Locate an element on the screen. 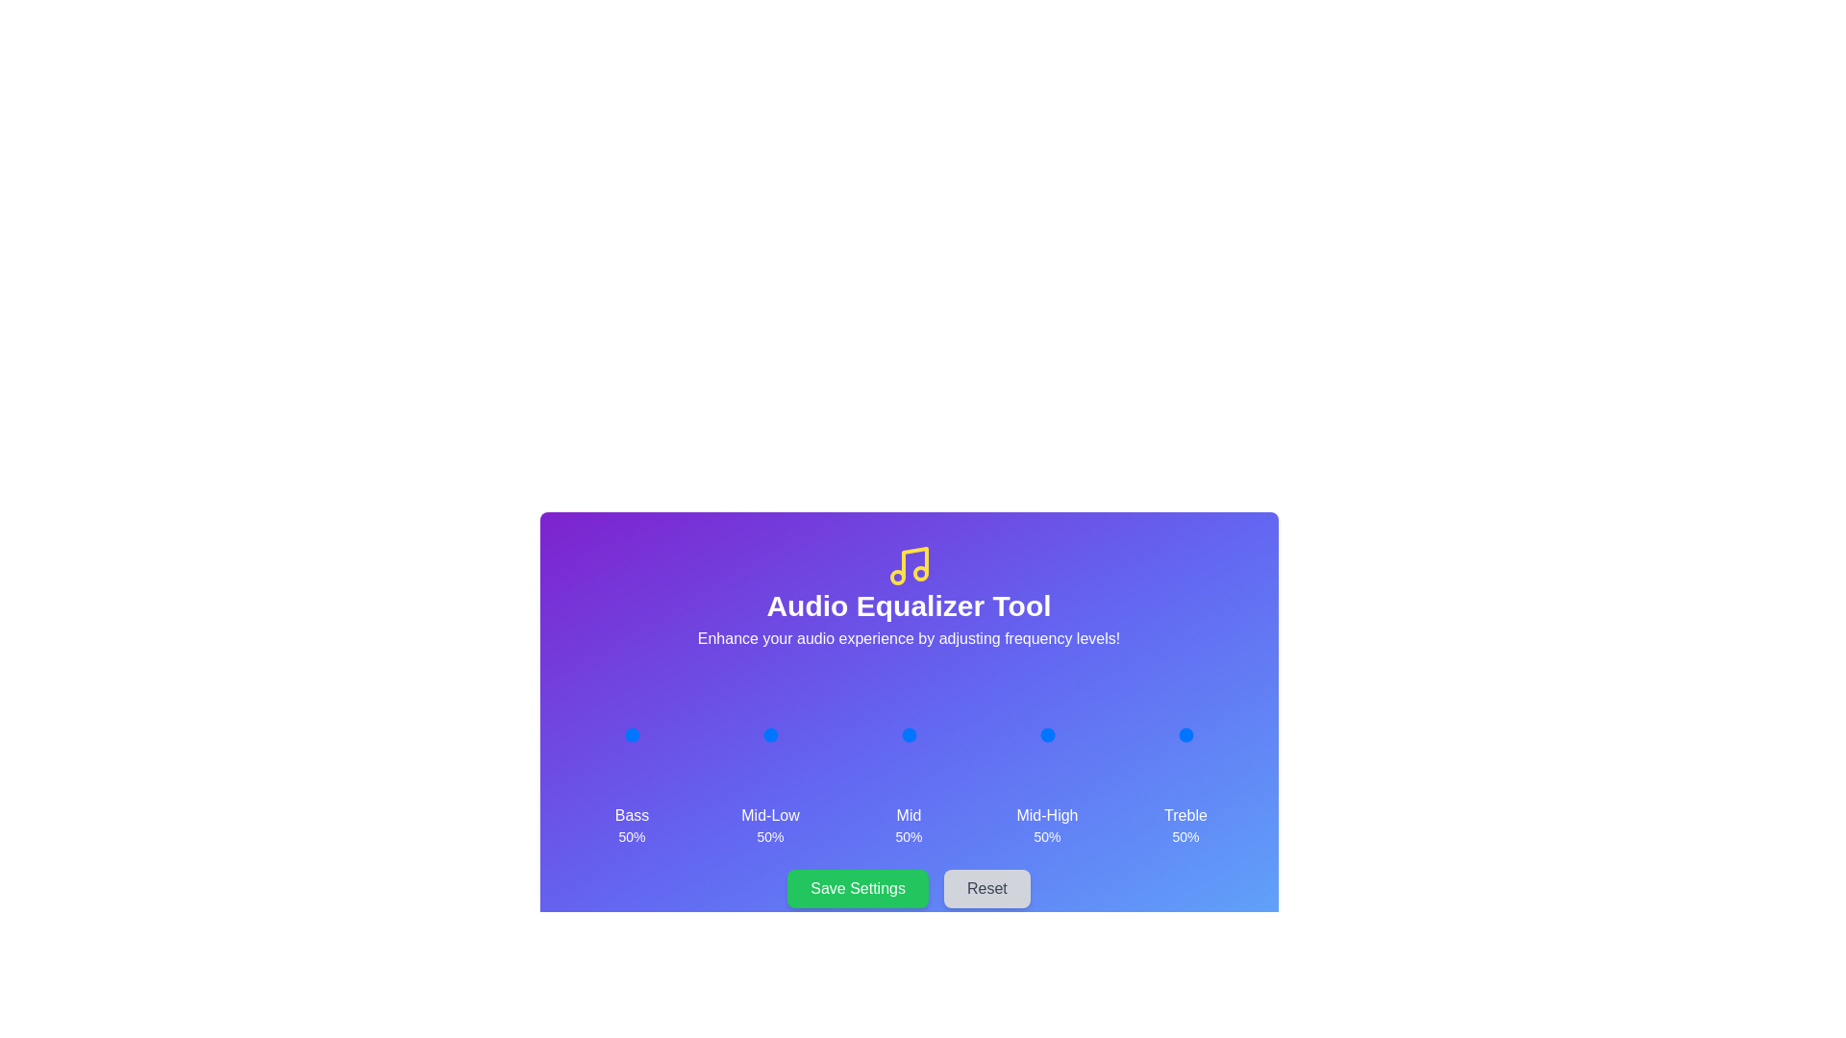 The image size is (1846, 1038). the 2 slider to 52% is located at coordinates (909, 734).